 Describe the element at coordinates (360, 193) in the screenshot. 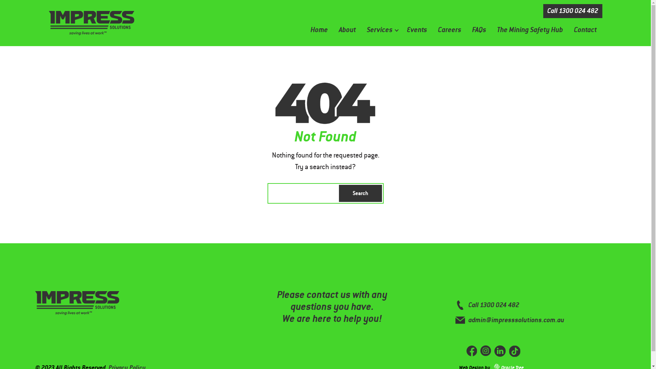

I see `'Search'` at that location.